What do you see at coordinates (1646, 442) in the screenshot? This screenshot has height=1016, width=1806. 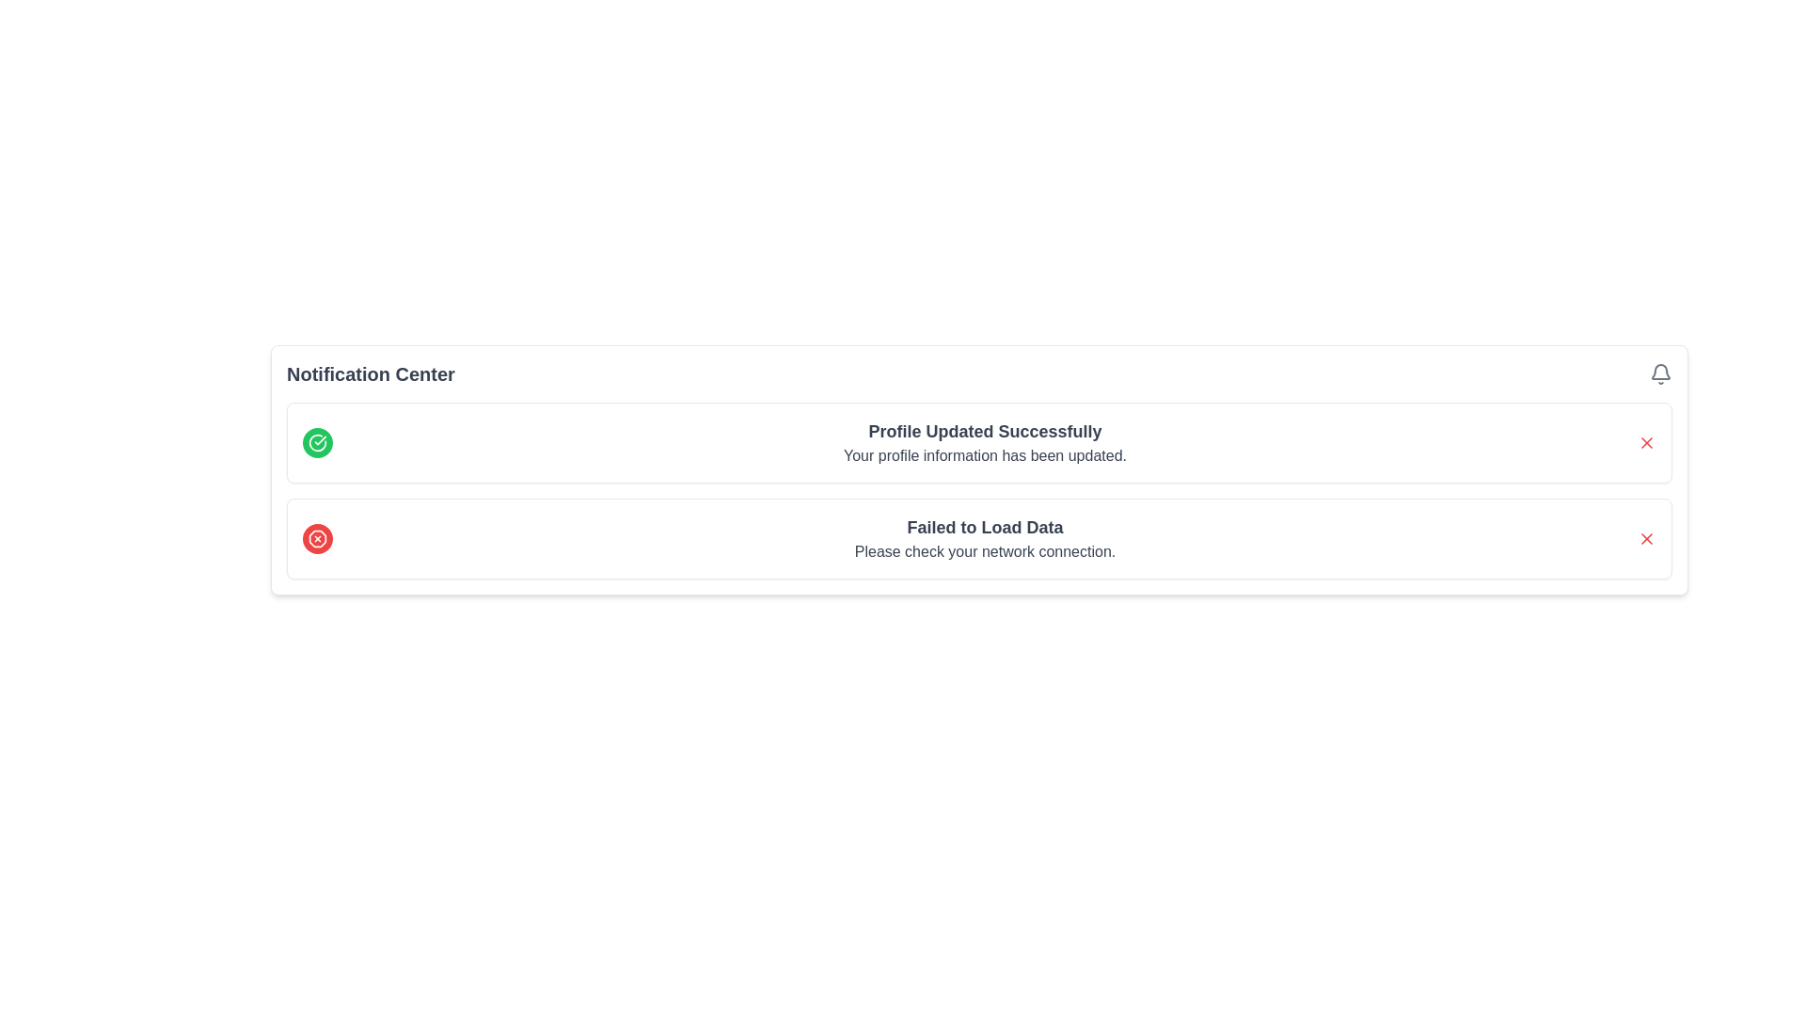 I see `the close button located in the top-right corner of the 'Profile Updated Successfully' notification` at bounding box center [1646, 442].